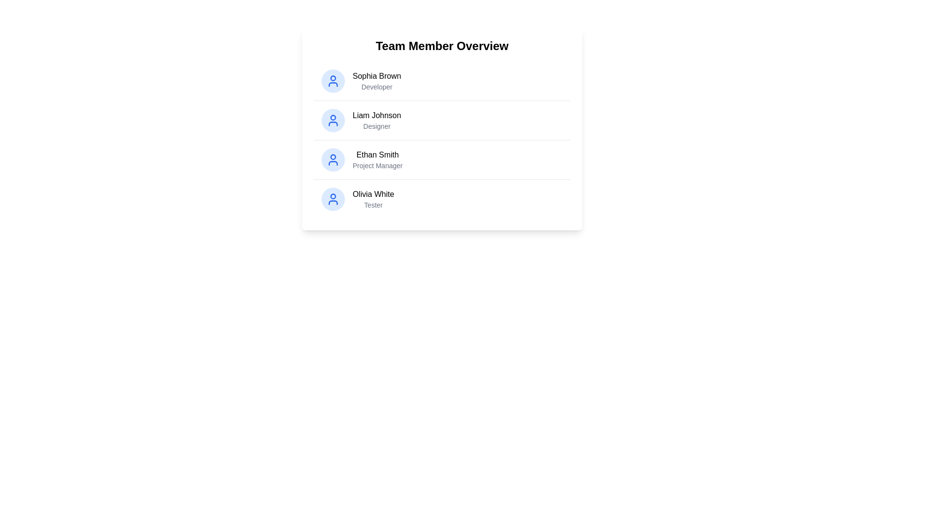  I want to click on the circular avatar icon with a light blue background and a user symbol representing 'Olivia White', the fourth entry in the team member list, so click(333, 198).